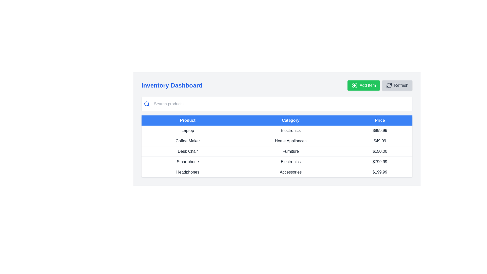 The width and height of the screenshot is (487, 274). Describe the element at coordinates (187, 151) in the screenshot. I see `text label for the product 'Desk Chair' located in the third row of the product list under the 'Product' column` at that location.